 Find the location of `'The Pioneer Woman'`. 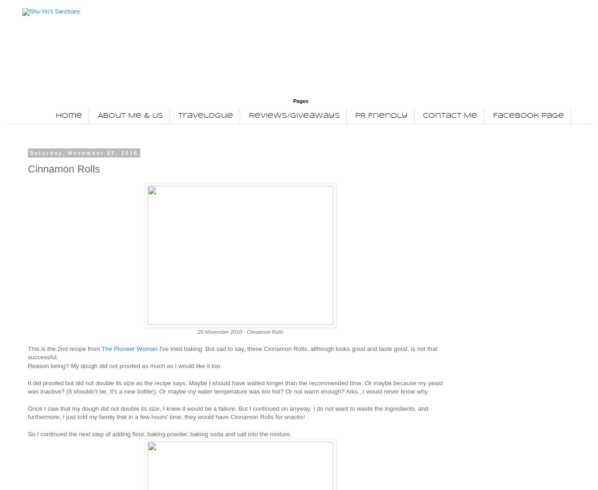

'The Pioneer Woman' is located at coordinates (129, 348).